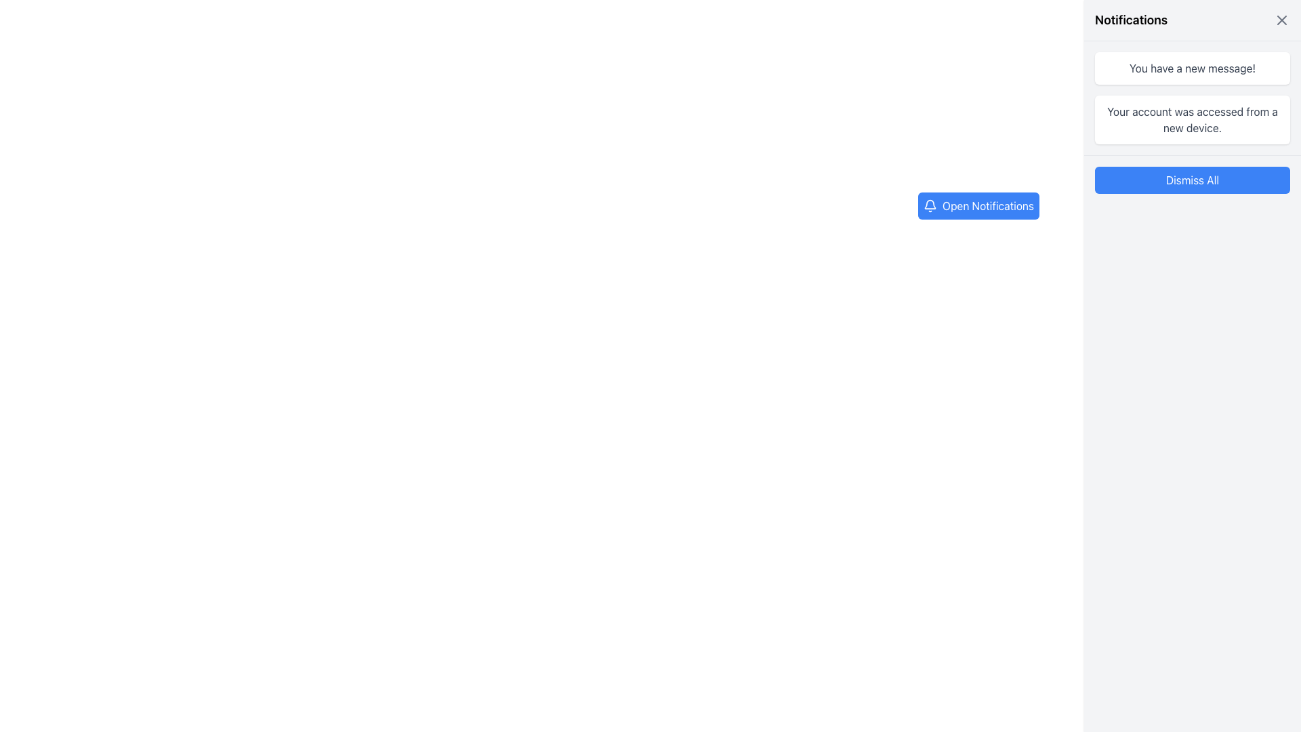 This screenshot has width=1301, height=732. I want to click on the Close button icon located at the top-right corner of the Notifications panel, so click(1281, 20).